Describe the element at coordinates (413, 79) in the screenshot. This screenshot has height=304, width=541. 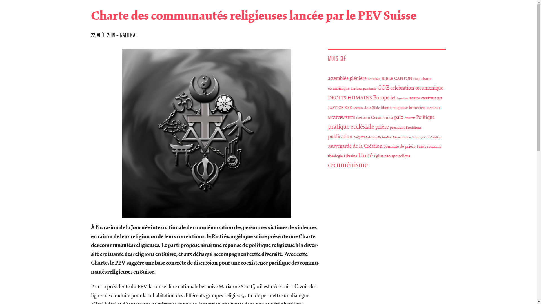
I see `'CCEE'` at that location.